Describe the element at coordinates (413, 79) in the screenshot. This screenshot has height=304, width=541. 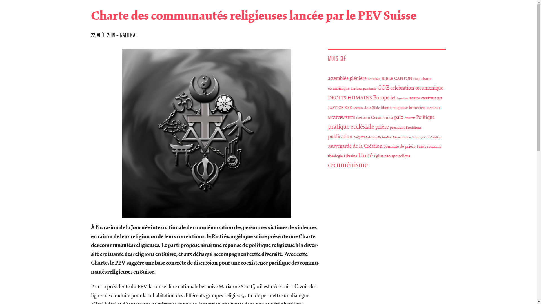
I see `'CCEE'` at that location.